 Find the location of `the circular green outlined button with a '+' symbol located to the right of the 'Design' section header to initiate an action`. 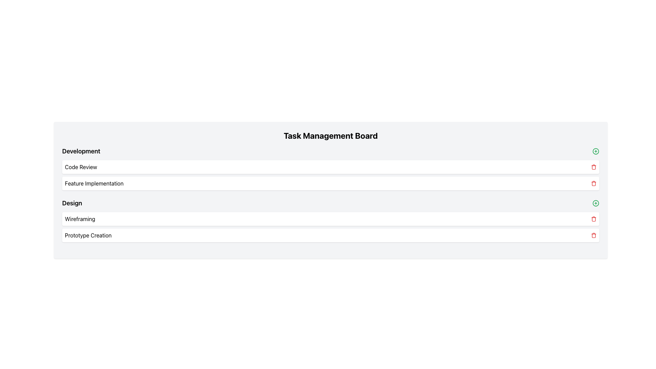

the circular green outlined button with a '+' symbol located to the right of the 'Design' section header to initiate an action is located at coordinates (595, 203).